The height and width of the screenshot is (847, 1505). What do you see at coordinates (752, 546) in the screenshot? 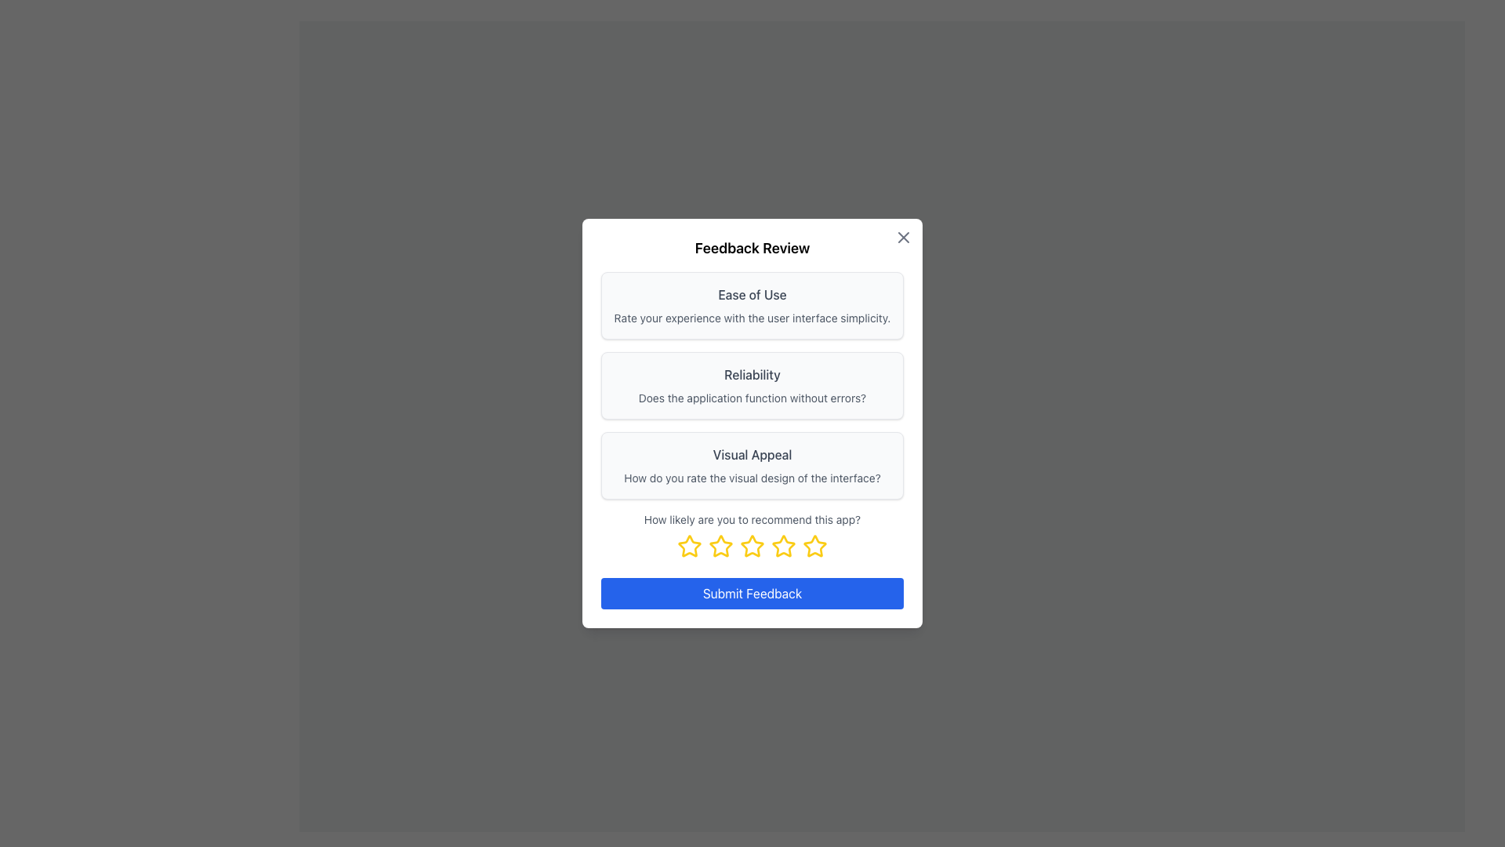
I see `the third rating star icon in the star-based rating scale` at bounding box center [752, 546].